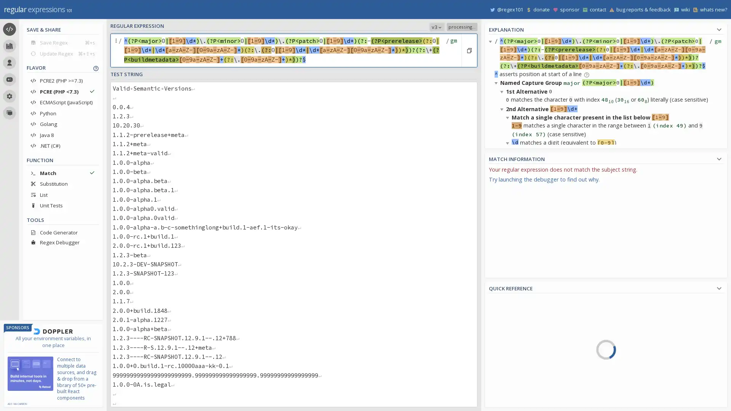 The height and width of the screenshot is (411, 731). Describe the element at coordinates (644, 366) in the screenshot. I see `Alternate - match either a or b a|b` at that location.